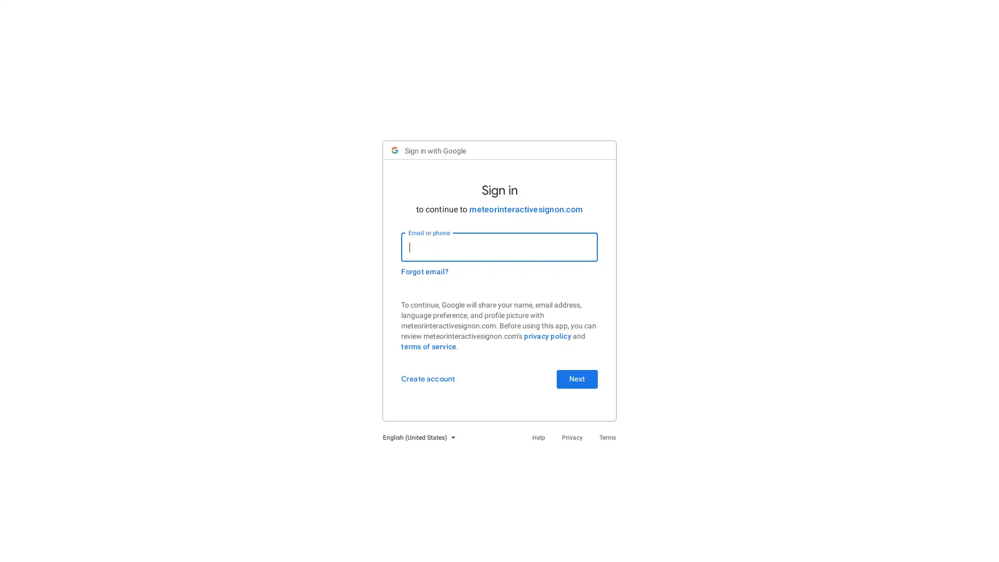 The width and height of the screenshot is (999, 562). Describe the element at coordinates (427, 273) in the screenshot. I see `Forgot email?` at that location.